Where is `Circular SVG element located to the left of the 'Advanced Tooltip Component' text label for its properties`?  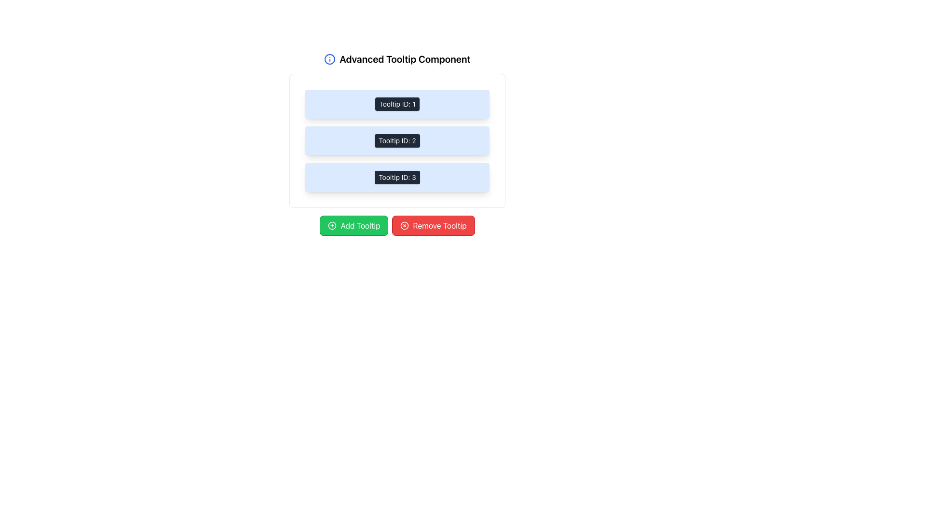
Circular SVG element located to the left of the 'Advanced Tooltip Component' text label for its properties is located at coordinates (330, 59).